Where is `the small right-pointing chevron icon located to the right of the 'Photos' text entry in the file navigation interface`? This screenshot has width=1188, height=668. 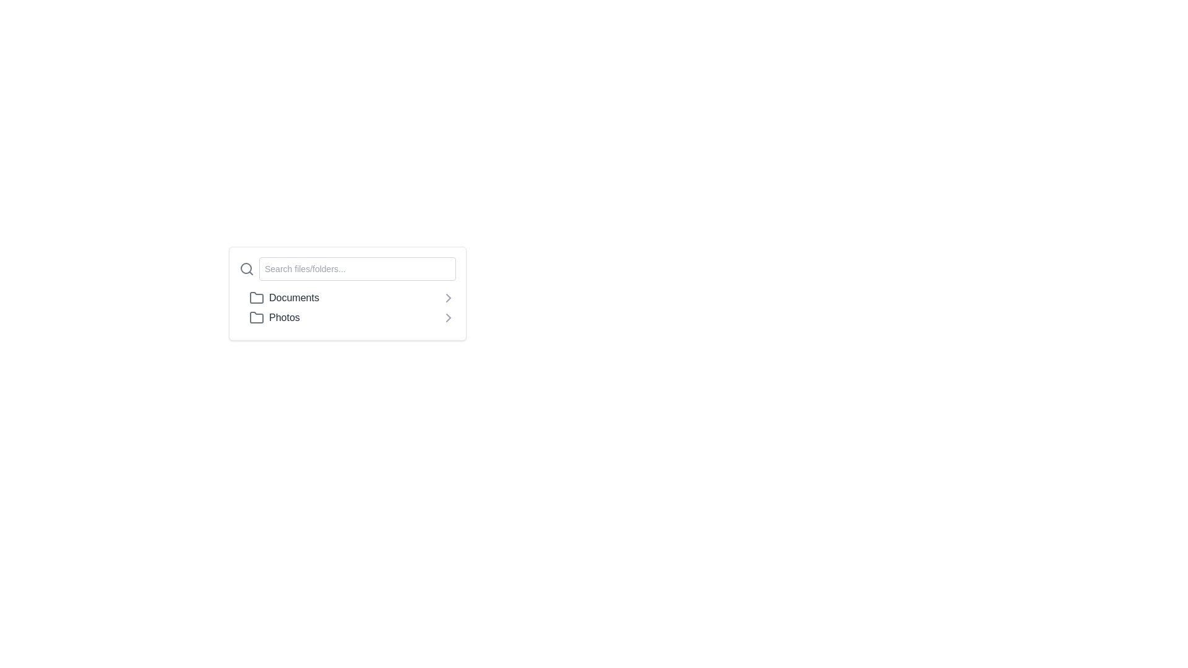
the small right-pointing chevron icon located to the right of the 'Photos' text entry in the file navigation interface is located at coordinates (447, 317).